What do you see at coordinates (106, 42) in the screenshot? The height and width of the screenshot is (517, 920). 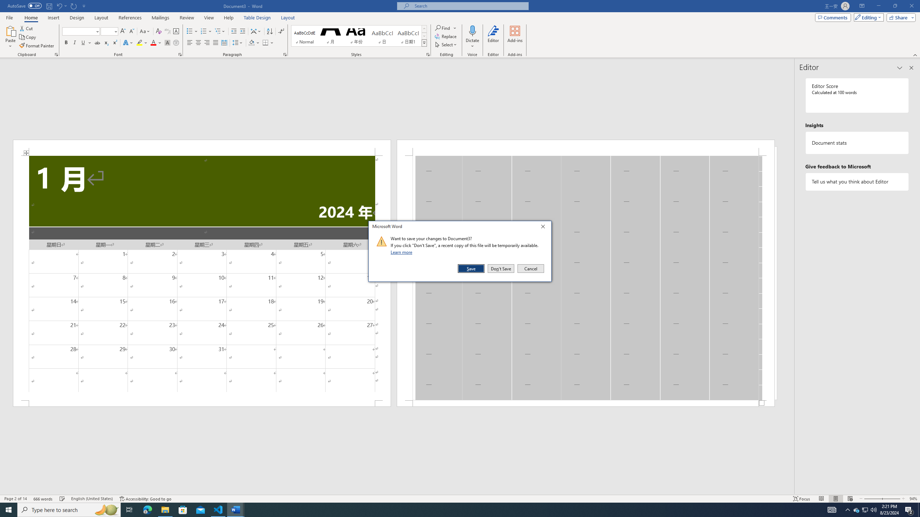 I see `'Subscript'` at bounding box center [106, 42].